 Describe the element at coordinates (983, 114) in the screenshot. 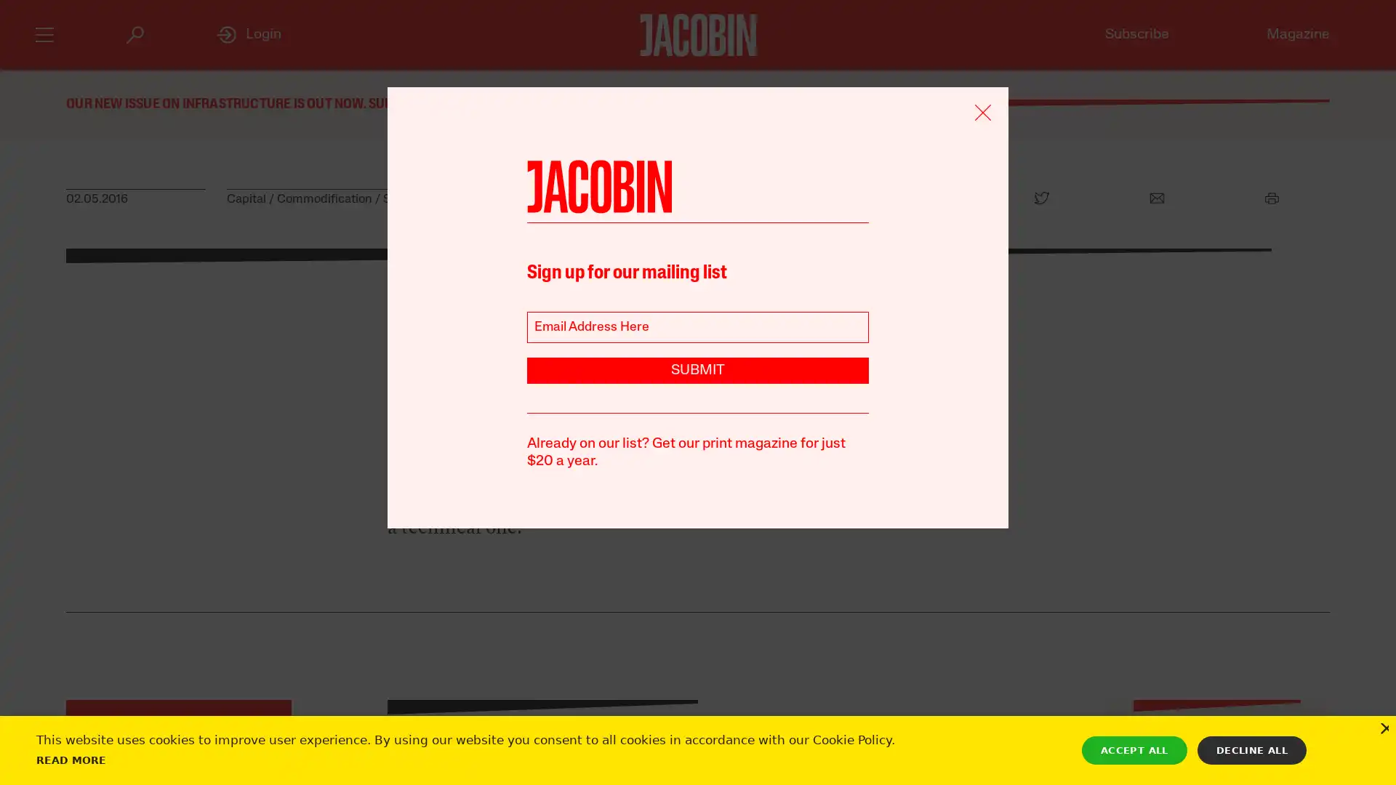

I see `Remove Icon` at that location.